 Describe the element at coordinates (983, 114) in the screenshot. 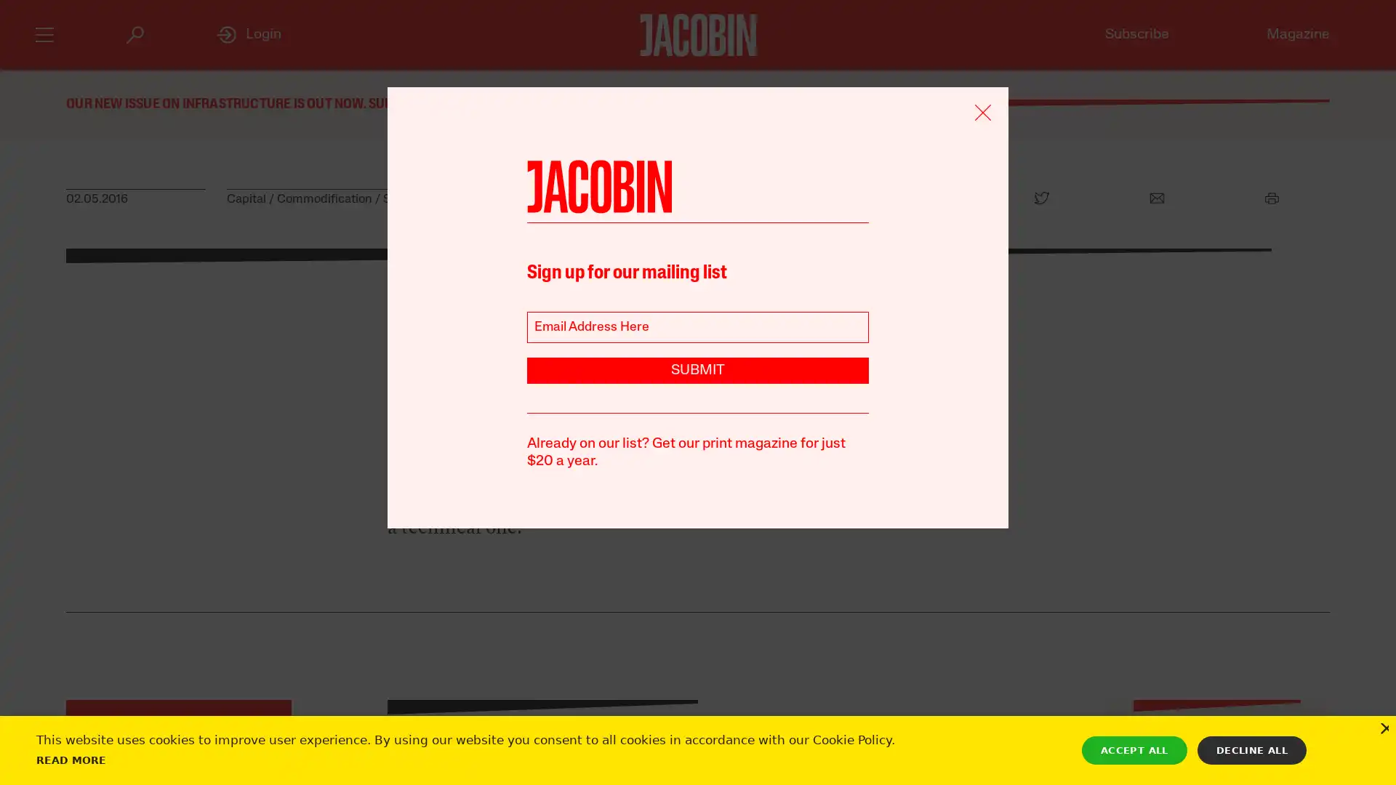

I see `Remove Icon` at that location.